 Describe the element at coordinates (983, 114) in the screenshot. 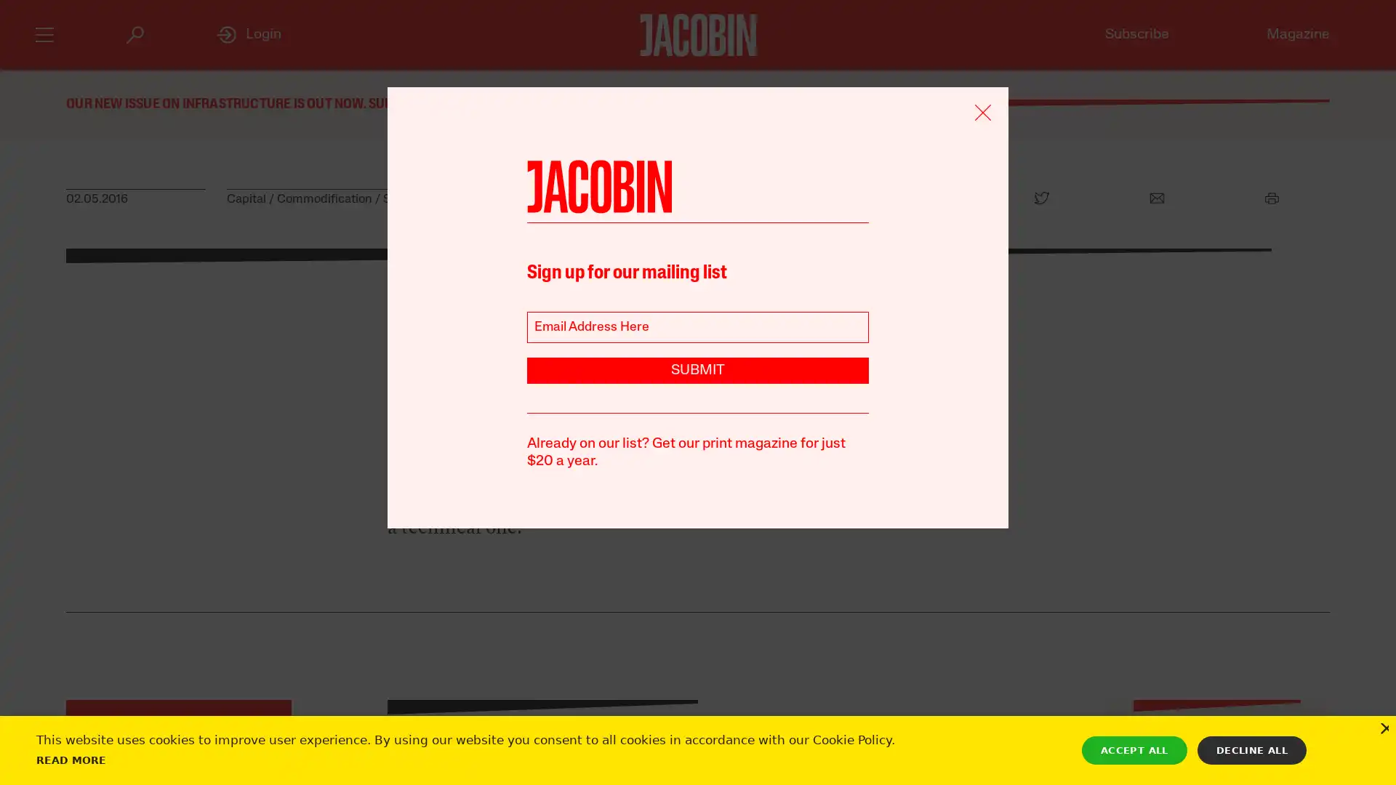

I see `Remove Icon` at that location.